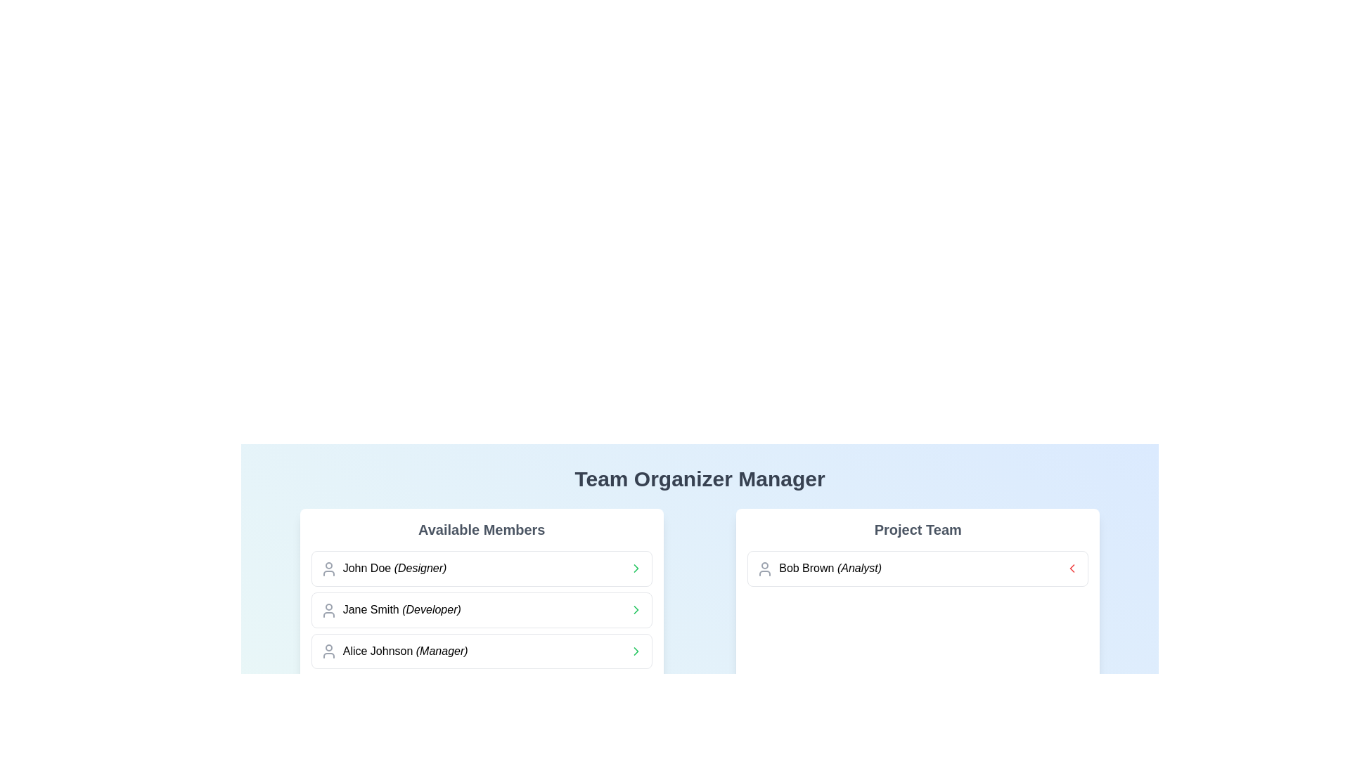 This screenshot has width=1350, height=759. I want to click on the text 'Bob Brown (Analyst)' with the accompanying user profile icon, which is the first entry in the 'Project Team' section located to the right of 'Available Members', so click(819, 568).